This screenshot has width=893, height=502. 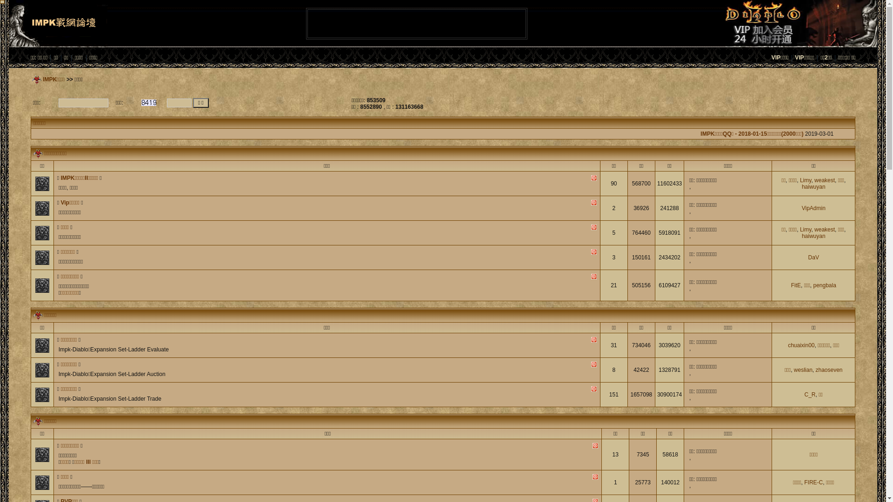 I want to click on 'zhaoseven', so click(x=829, y=369).